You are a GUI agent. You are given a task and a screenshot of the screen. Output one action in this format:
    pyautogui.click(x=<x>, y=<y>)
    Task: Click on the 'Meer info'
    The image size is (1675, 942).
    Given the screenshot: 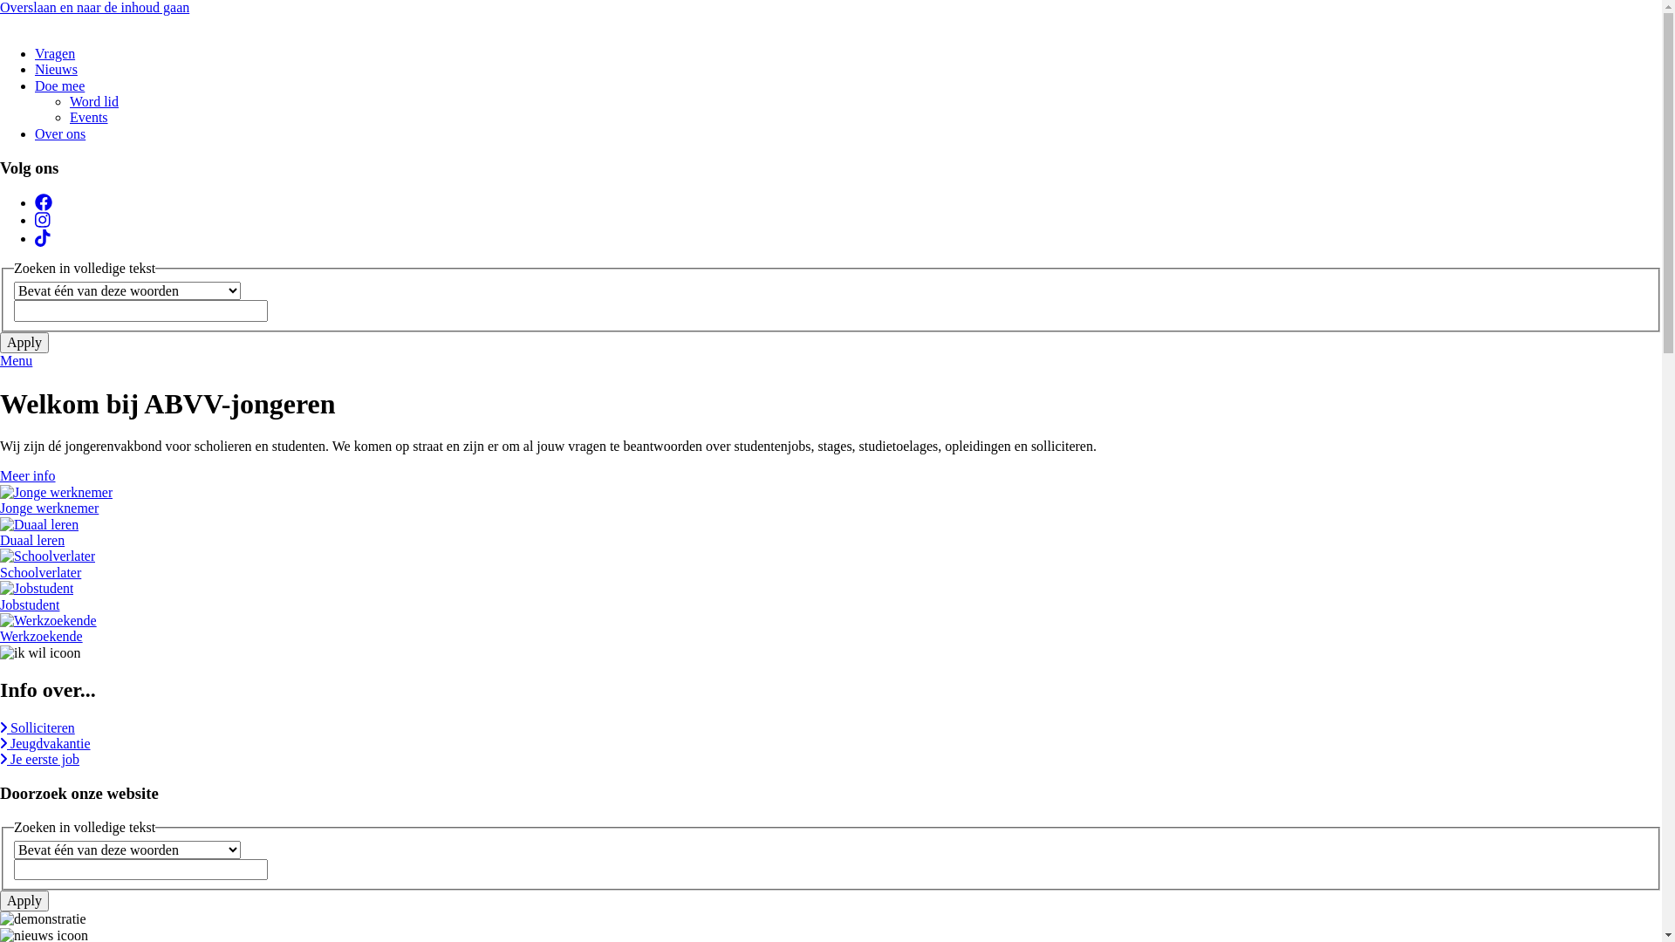 What is the action you would take?
    pyautogui.click(x=28, y=475)
    